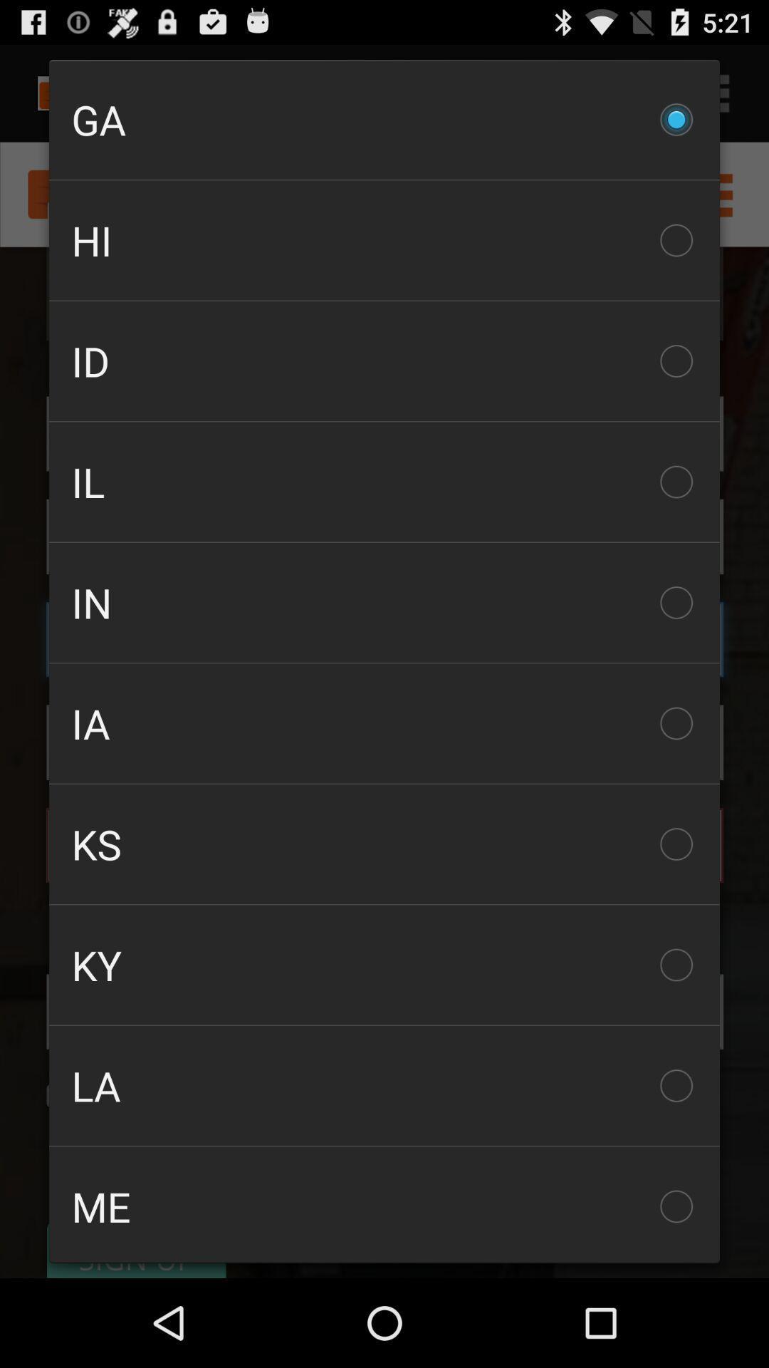 This screenshot has width=769, height=1368. What do you see at coordinates (384, 120) in the screenshot?
I see `the item above the hi checkbox` at bounding box center [384, 120].